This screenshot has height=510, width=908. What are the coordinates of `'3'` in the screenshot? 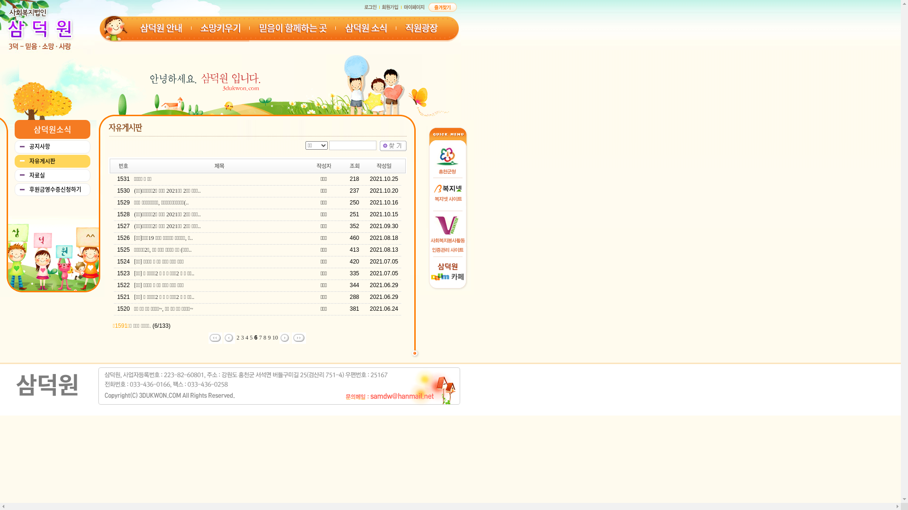 It's located at (243, 337).